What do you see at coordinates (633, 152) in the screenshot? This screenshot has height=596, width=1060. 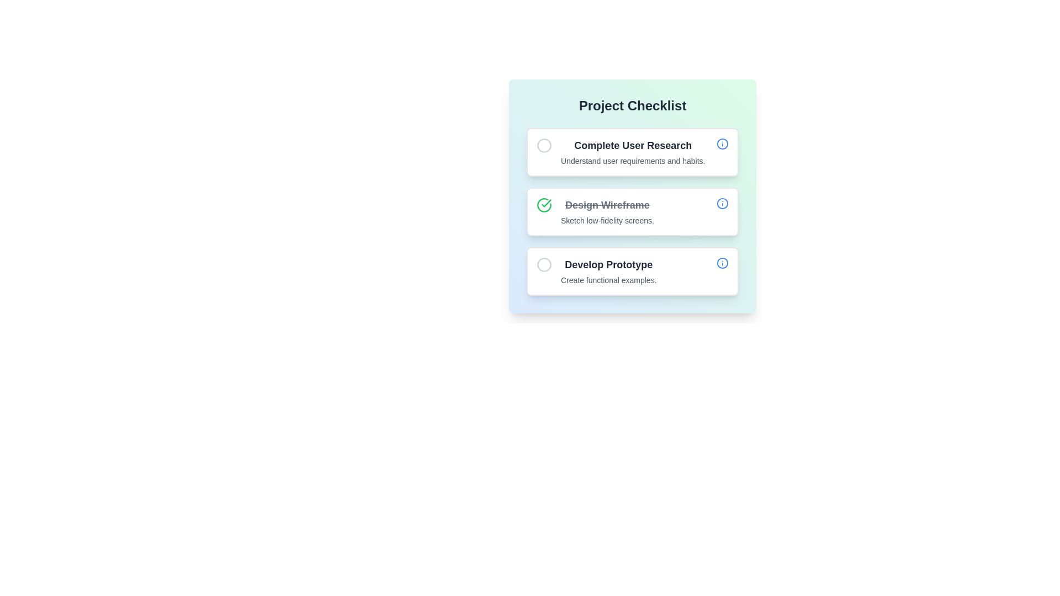 I see `the Label with subtext that describes the task details in the checklist, located at the top of the checklist inside a bordered box` at bounding box center [633, 152].